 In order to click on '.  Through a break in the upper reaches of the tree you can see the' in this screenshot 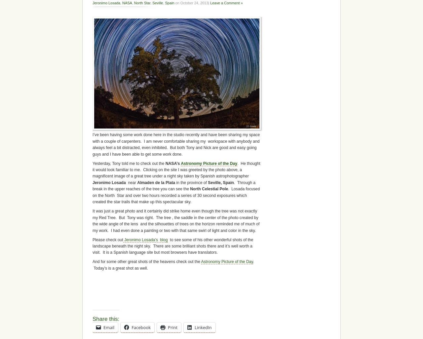, I will do `click(174, 186)`.